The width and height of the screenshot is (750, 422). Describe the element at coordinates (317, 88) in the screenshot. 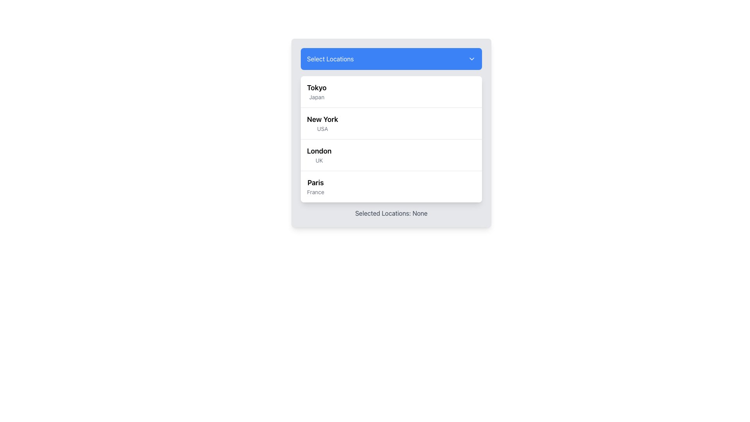

I see `the title text element 'Tokyo' in the dropdown list` at that location.